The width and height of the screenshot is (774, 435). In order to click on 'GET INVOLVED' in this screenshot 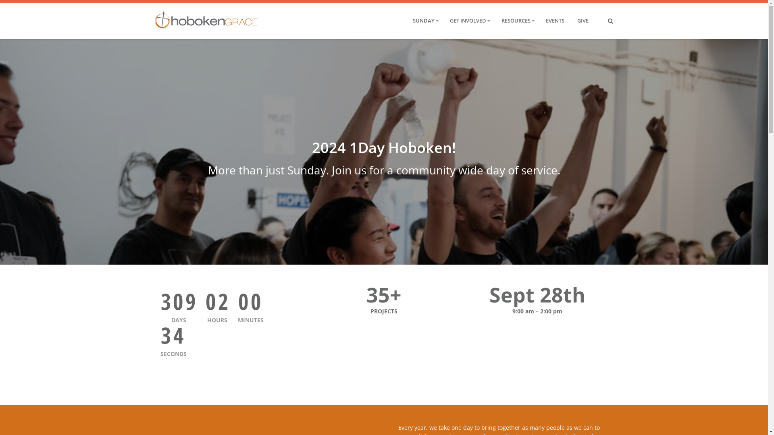, I will do `click(468, 21)`.